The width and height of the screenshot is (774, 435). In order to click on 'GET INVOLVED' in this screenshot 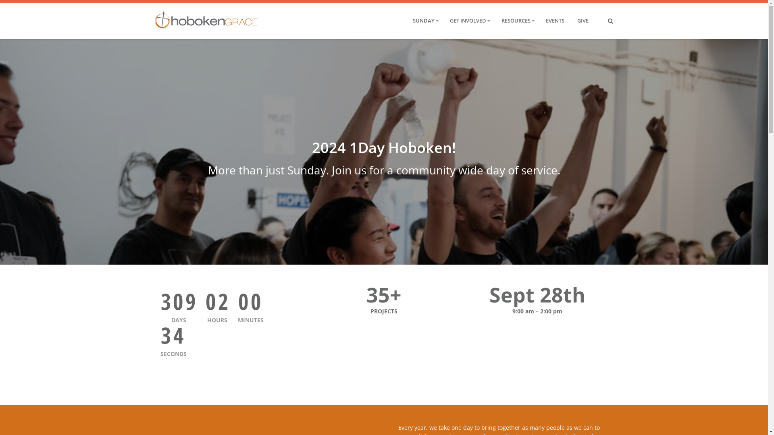, I will do `click(468, 21)`.